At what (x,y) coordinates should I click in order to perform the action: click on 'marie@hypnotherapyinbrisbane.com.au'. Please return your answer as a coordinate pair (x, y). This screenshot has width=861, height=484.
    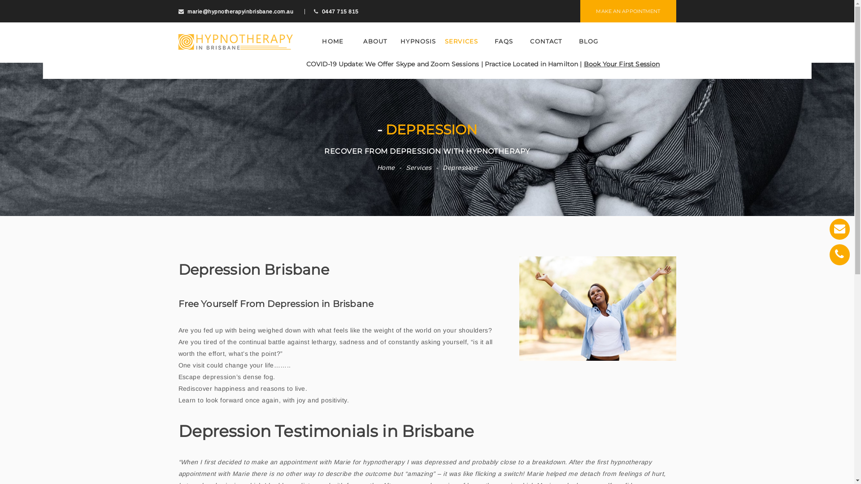
    Looking at the image, I should click on (240, 12).